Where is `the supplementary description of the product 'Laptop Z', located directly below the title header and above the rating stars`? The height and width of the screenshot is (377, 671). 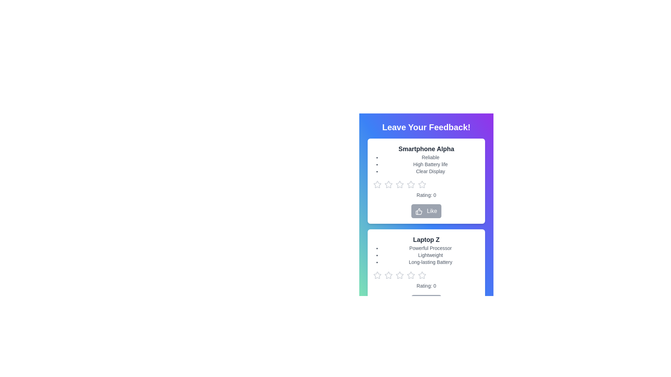
the supplementary description of the product 'Laptop Z', located directly below the title header and above the rating stars is located at coordinates (430, 255).